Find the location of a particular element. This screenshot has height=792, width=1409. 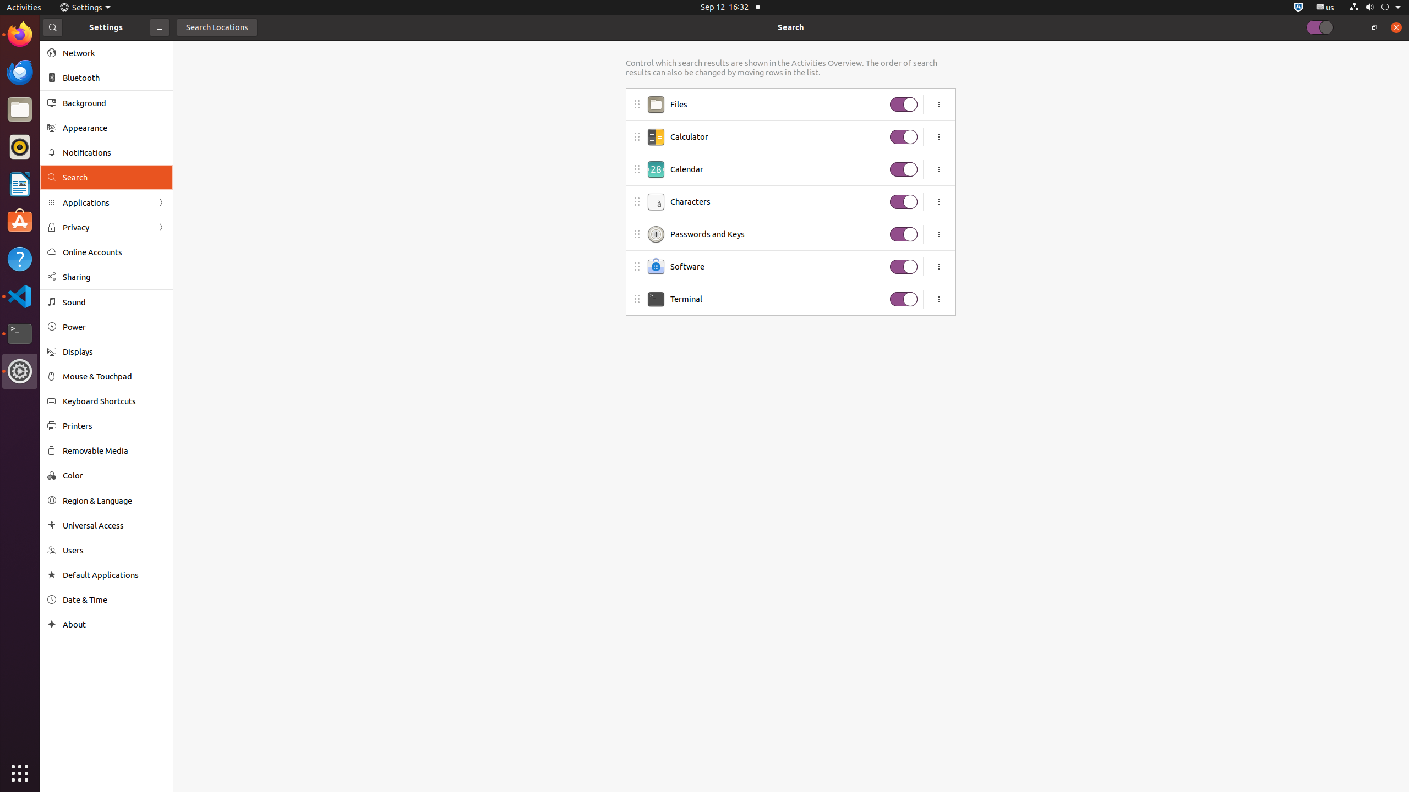

'Forward' is located at coordinates (161, 227).